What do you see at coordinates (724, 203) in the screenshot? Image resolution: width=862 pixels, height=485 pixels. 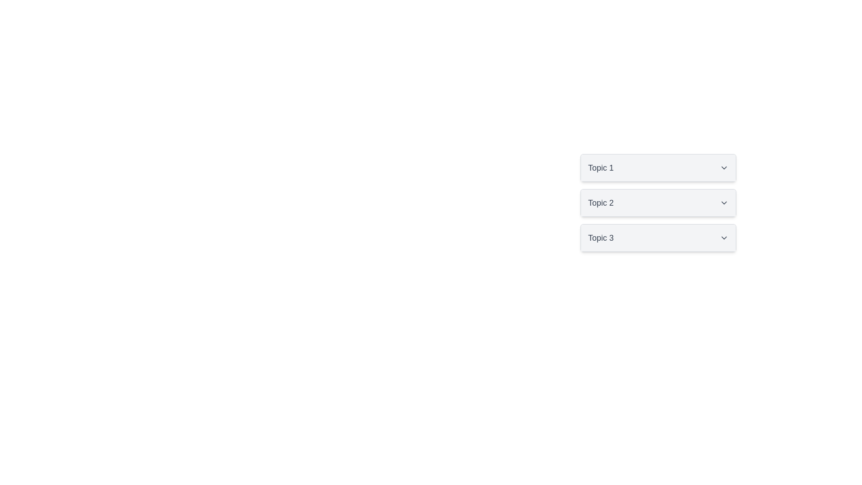 I see `the expandable icon for 'Topic 2'` at bounding box center [724, 203].